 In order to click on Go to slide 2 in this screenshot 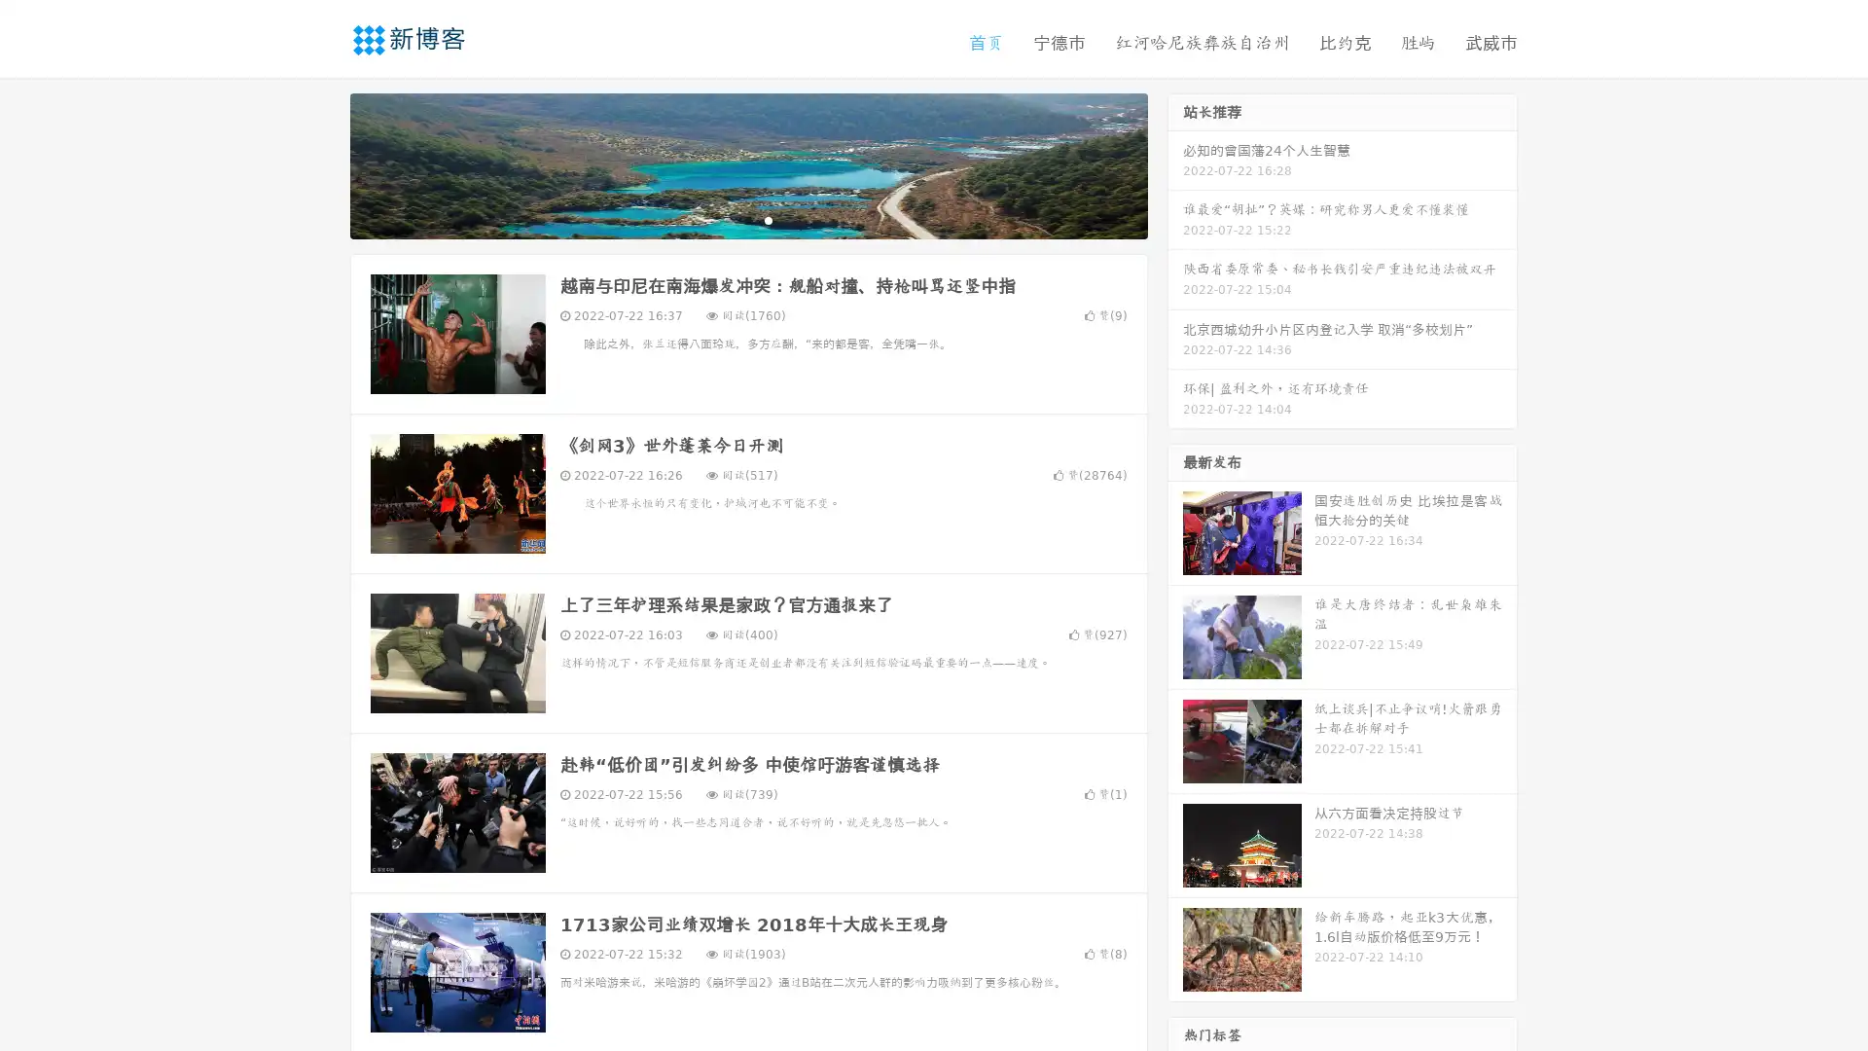, I will do `click(747, 219)`.